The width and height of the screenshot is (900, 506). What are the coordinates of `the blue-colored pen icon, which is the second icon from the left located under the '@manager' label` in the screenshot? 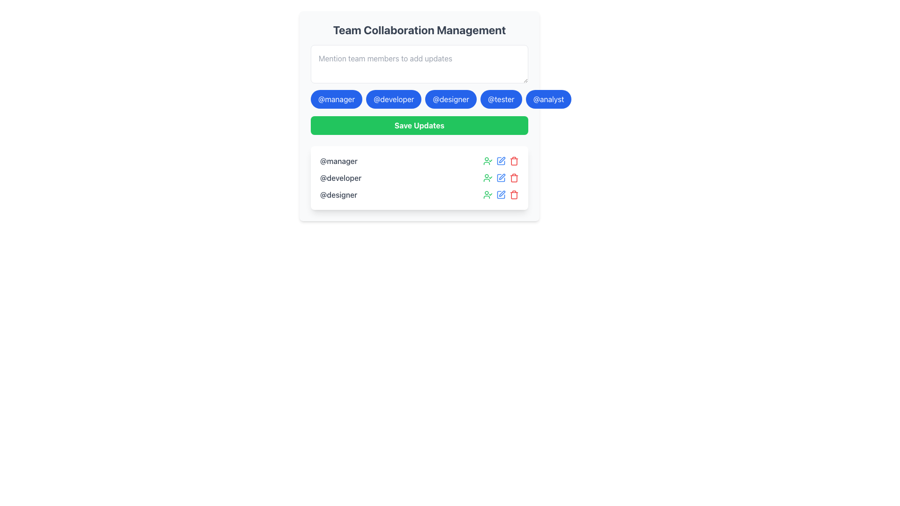 It's located at (501, 160).